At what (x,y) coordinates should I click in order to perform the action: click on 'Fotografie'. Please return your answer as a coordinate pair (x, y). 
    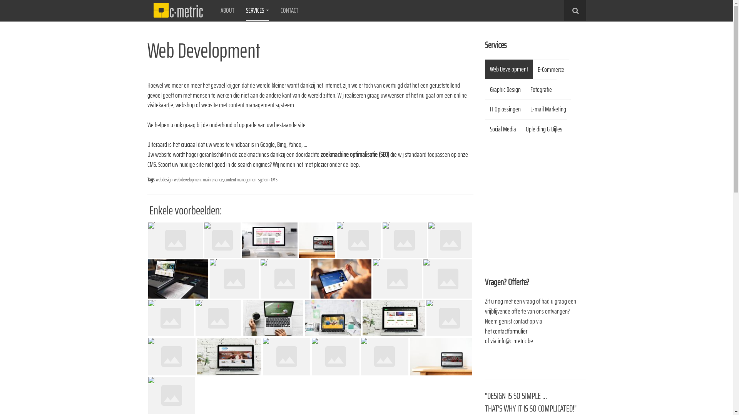
    Looking at the image, I should click on (525, 89).